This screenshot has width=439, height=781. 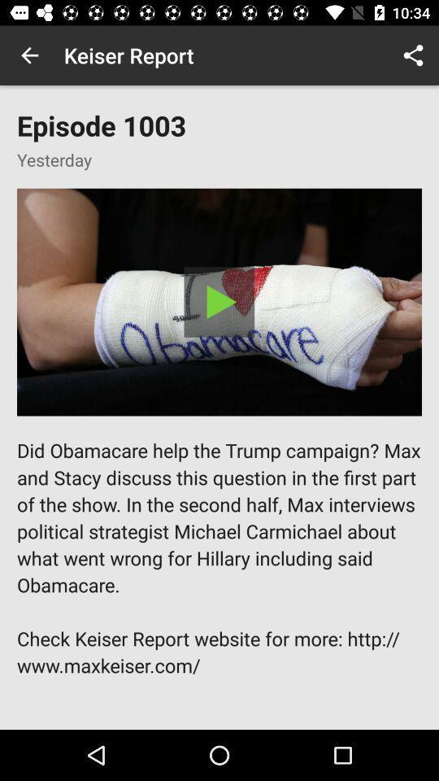 What do you see at coordinates (219, 301) in the screenshot?
I see `video` at bounding box center [219, 301].